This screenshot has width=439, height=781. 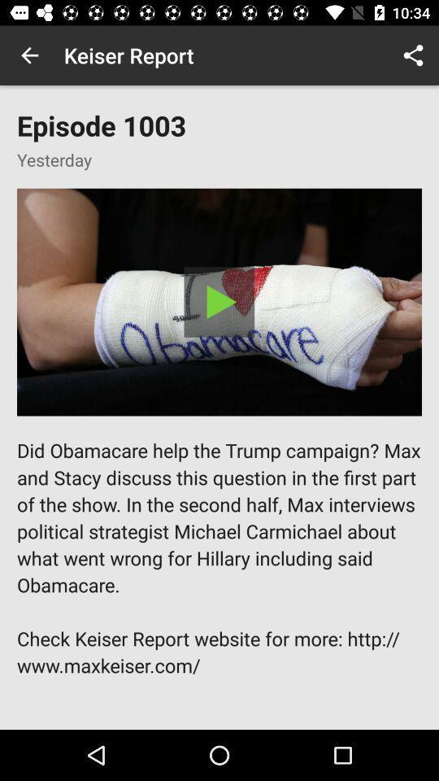 What do you see at coordinates (219, 301) in the screenshot?
I see `video` at bounding box center [219, 301].